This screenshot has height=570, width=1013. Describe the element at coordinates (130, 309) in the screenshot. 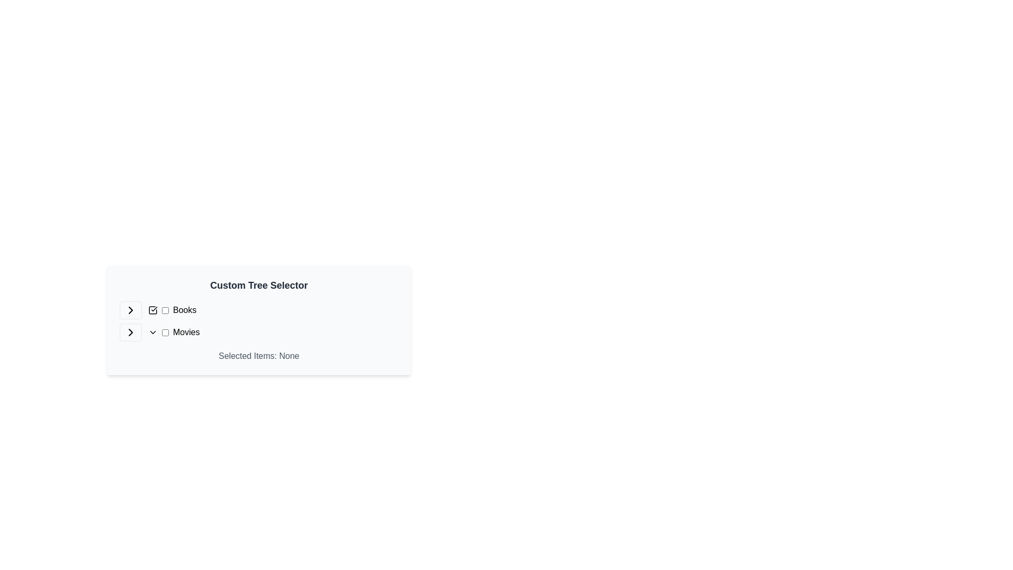

I see `the right-oriented chevron icon button located to the left of the 'Books' label in the 'Custom Tree Selector' section` at that location.